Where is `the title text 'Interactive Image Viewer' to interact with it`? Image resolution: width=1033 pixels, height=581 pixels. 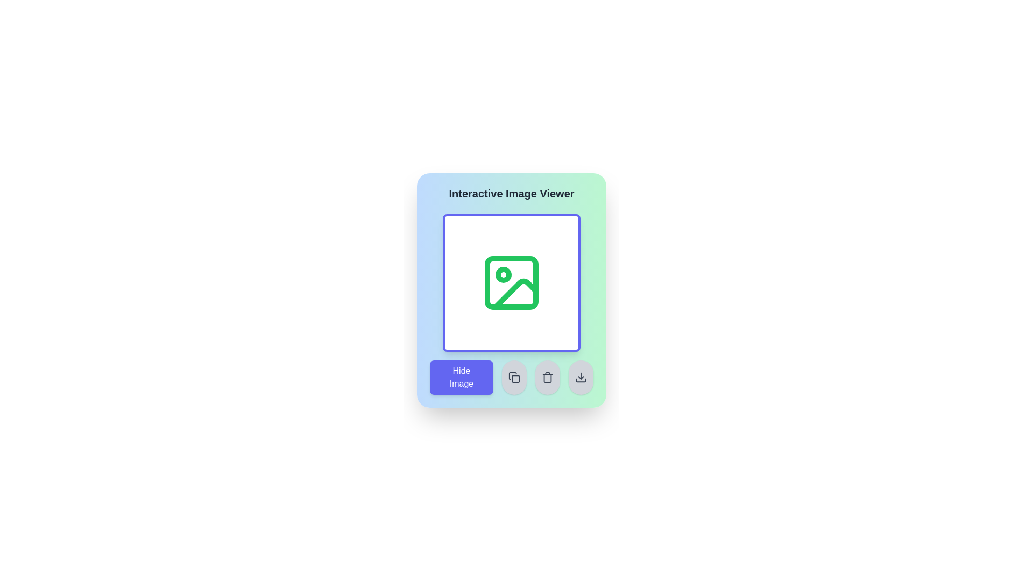
the title text 'Interactive Image Viewer' to interact with it is located at coordinates (511, 193).